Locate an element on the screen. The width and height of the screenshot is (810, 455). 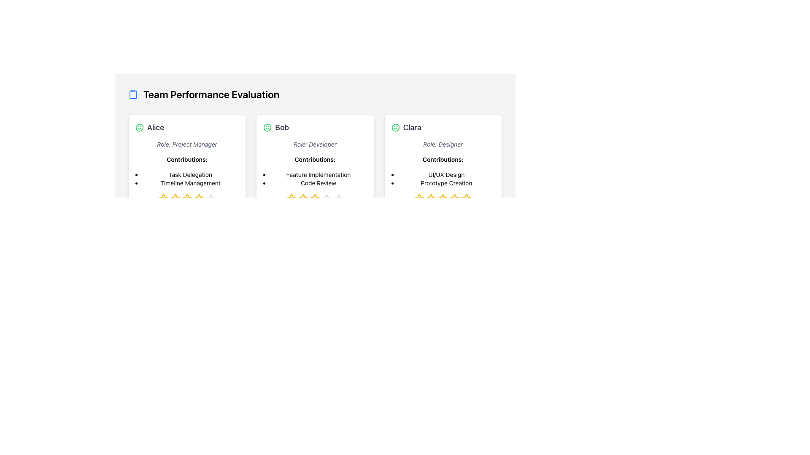
the text heading for the contributions list located within Clara's profile card, below the 'Role: Designer' element is located at coordinates (443, 159).